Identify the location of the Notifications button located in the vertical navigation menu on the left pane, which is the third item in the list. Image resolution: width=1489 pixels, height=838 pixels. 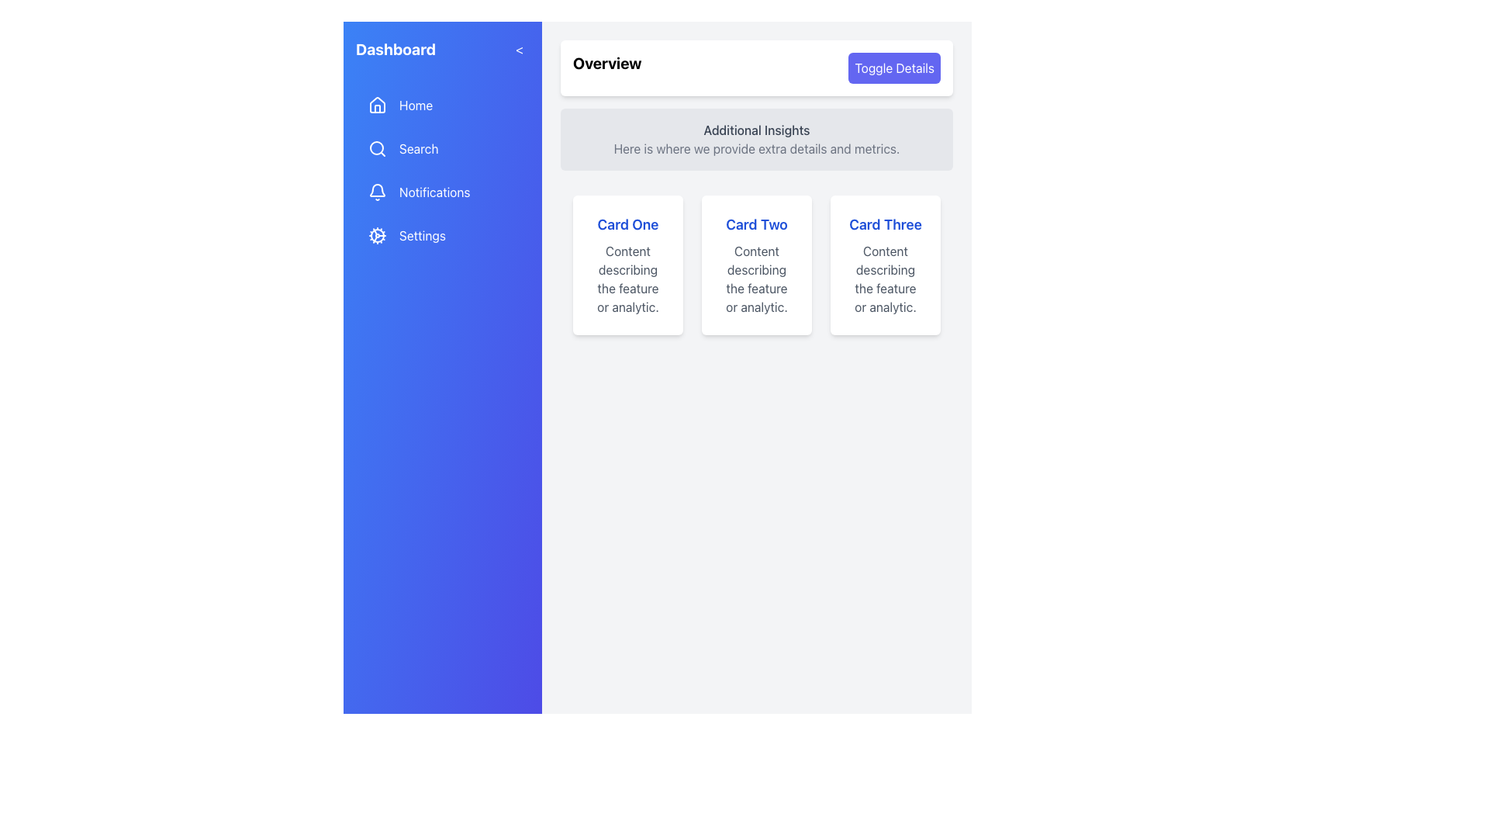
(442, 191).